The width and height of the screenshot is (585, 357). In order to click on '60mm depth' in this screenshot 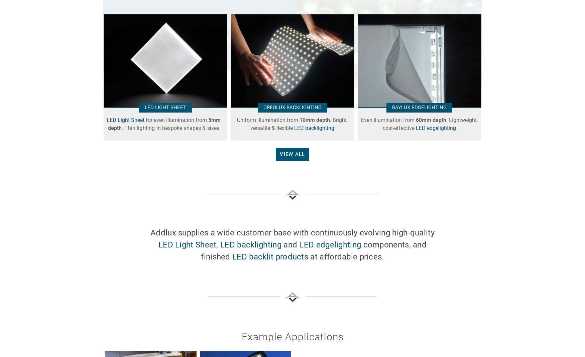, I will do `click(431, 120)`.